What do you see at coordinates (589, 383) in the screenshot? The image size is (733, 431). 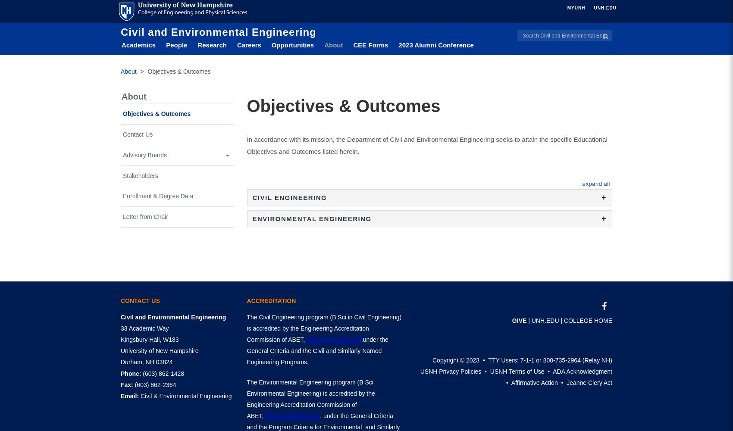 I see `'Jeanne Clery Act'` at bounding box center [589, 383].